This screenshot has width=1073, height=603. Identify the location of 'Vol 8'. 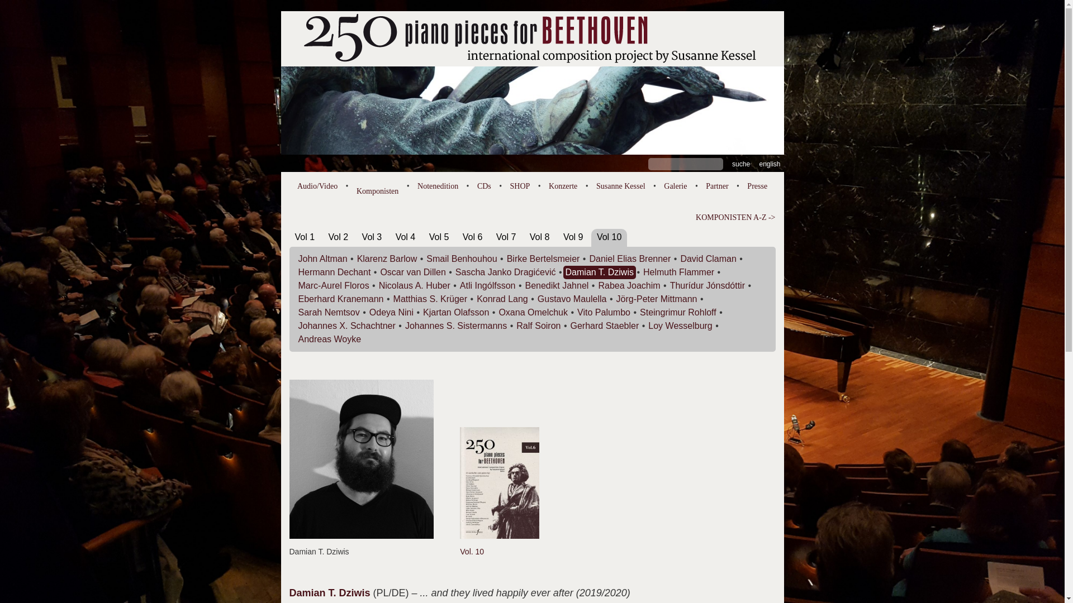
(529, 236).